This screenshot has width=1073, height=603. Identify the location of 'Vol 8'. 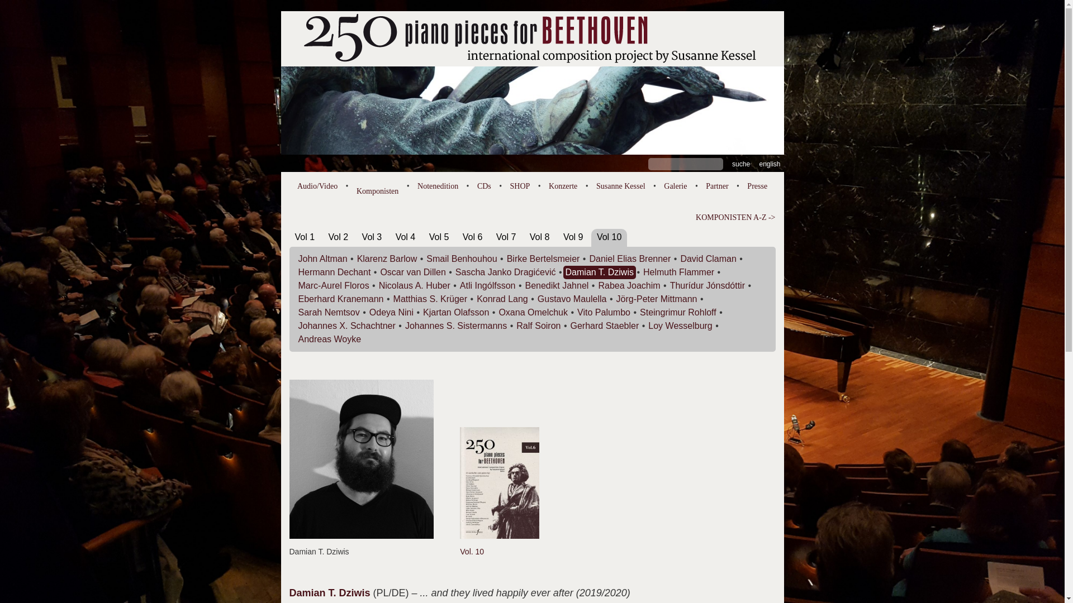
(529, 236).